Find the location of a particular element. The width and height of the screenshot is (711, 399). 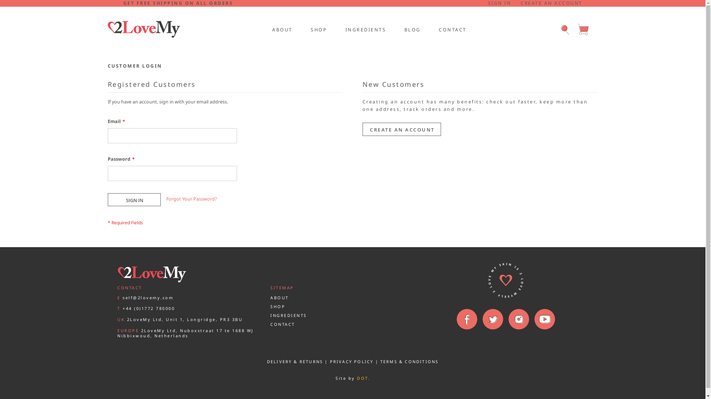

'You Tube' is located at coordinates (544, 319).